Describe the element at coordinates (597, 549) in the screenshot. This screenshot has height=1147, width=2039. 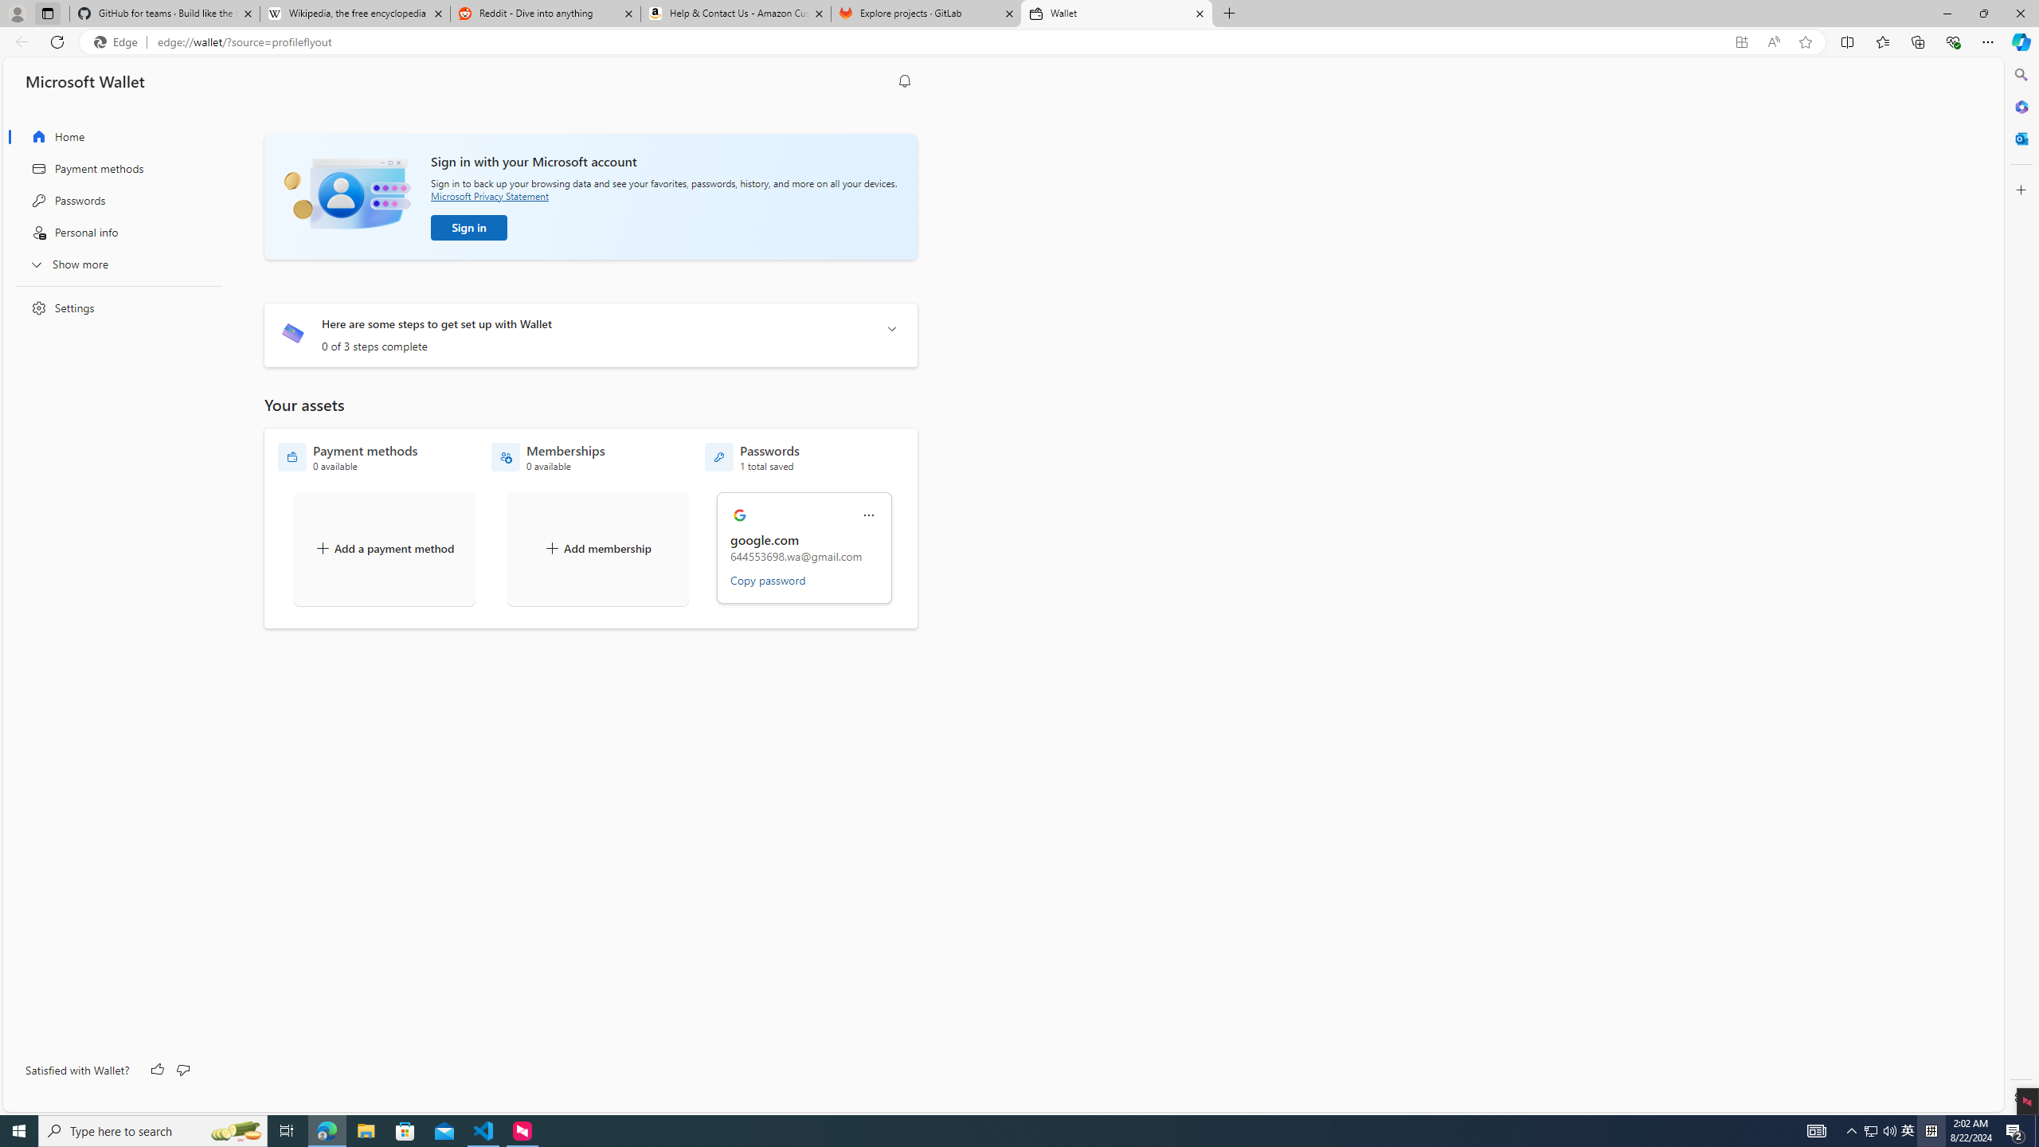
I see `'Add membership'` at that location.